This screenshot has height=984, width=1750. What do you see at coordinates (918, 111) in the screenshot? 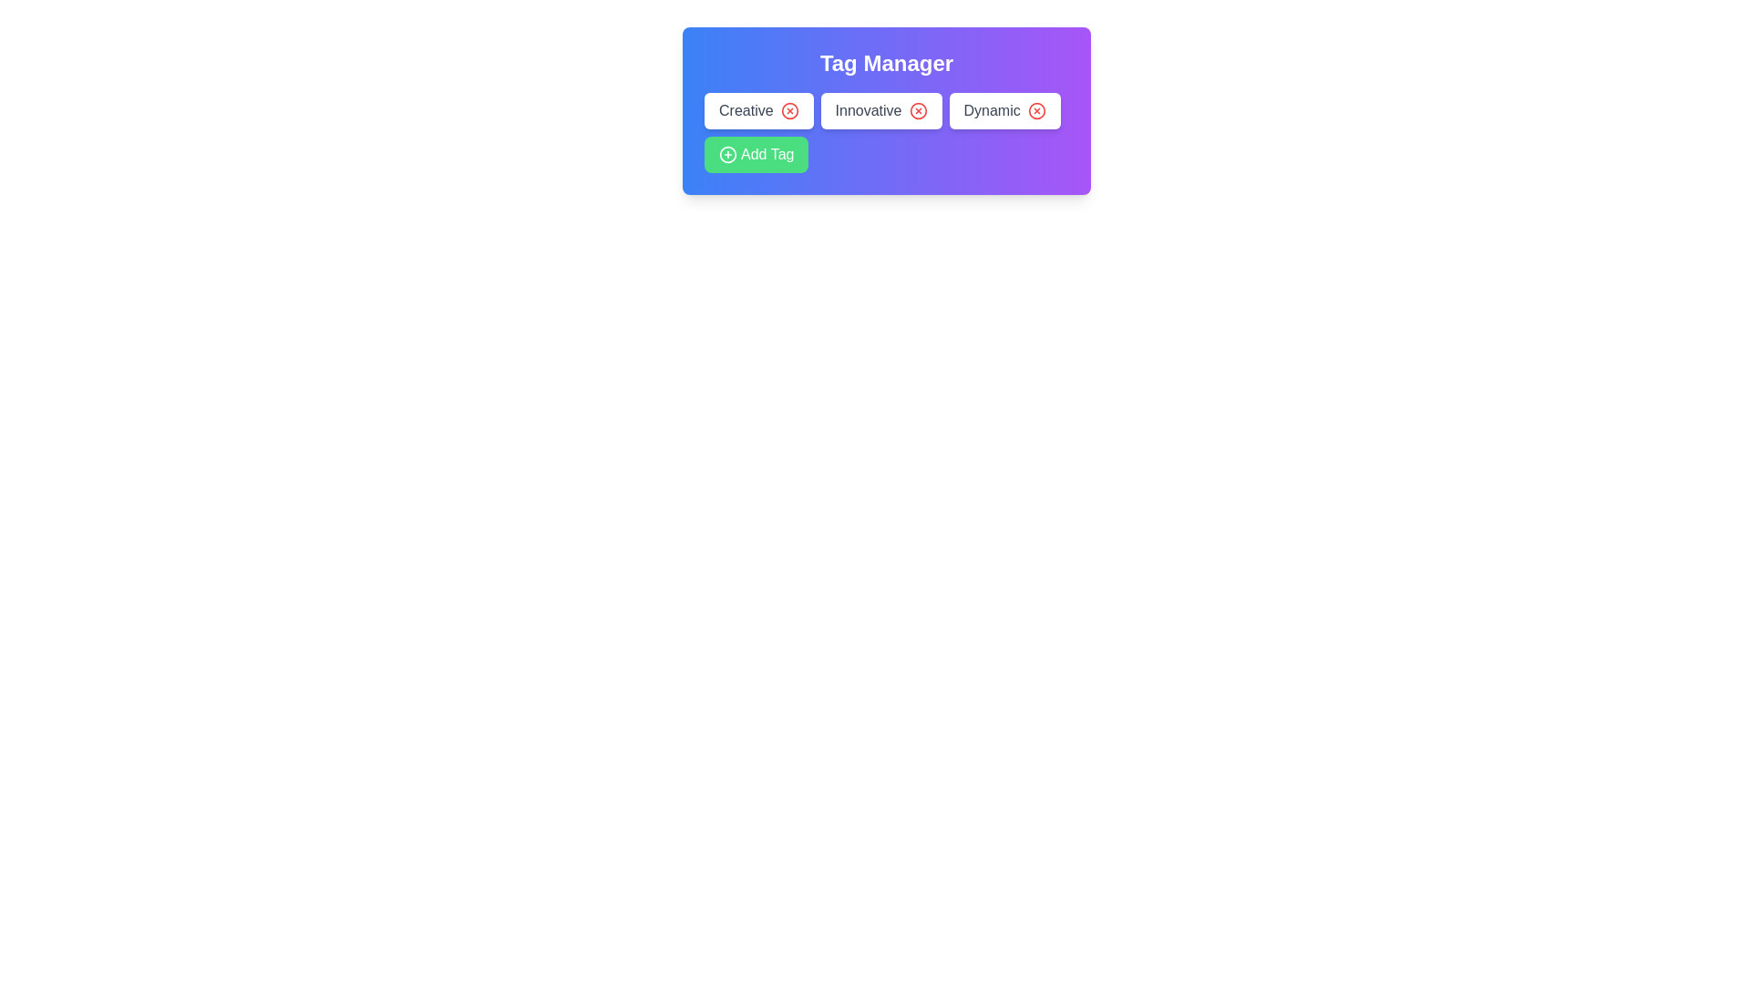
I see `remove button for the tag labeled Innovative` at bounding box center [918, 111].